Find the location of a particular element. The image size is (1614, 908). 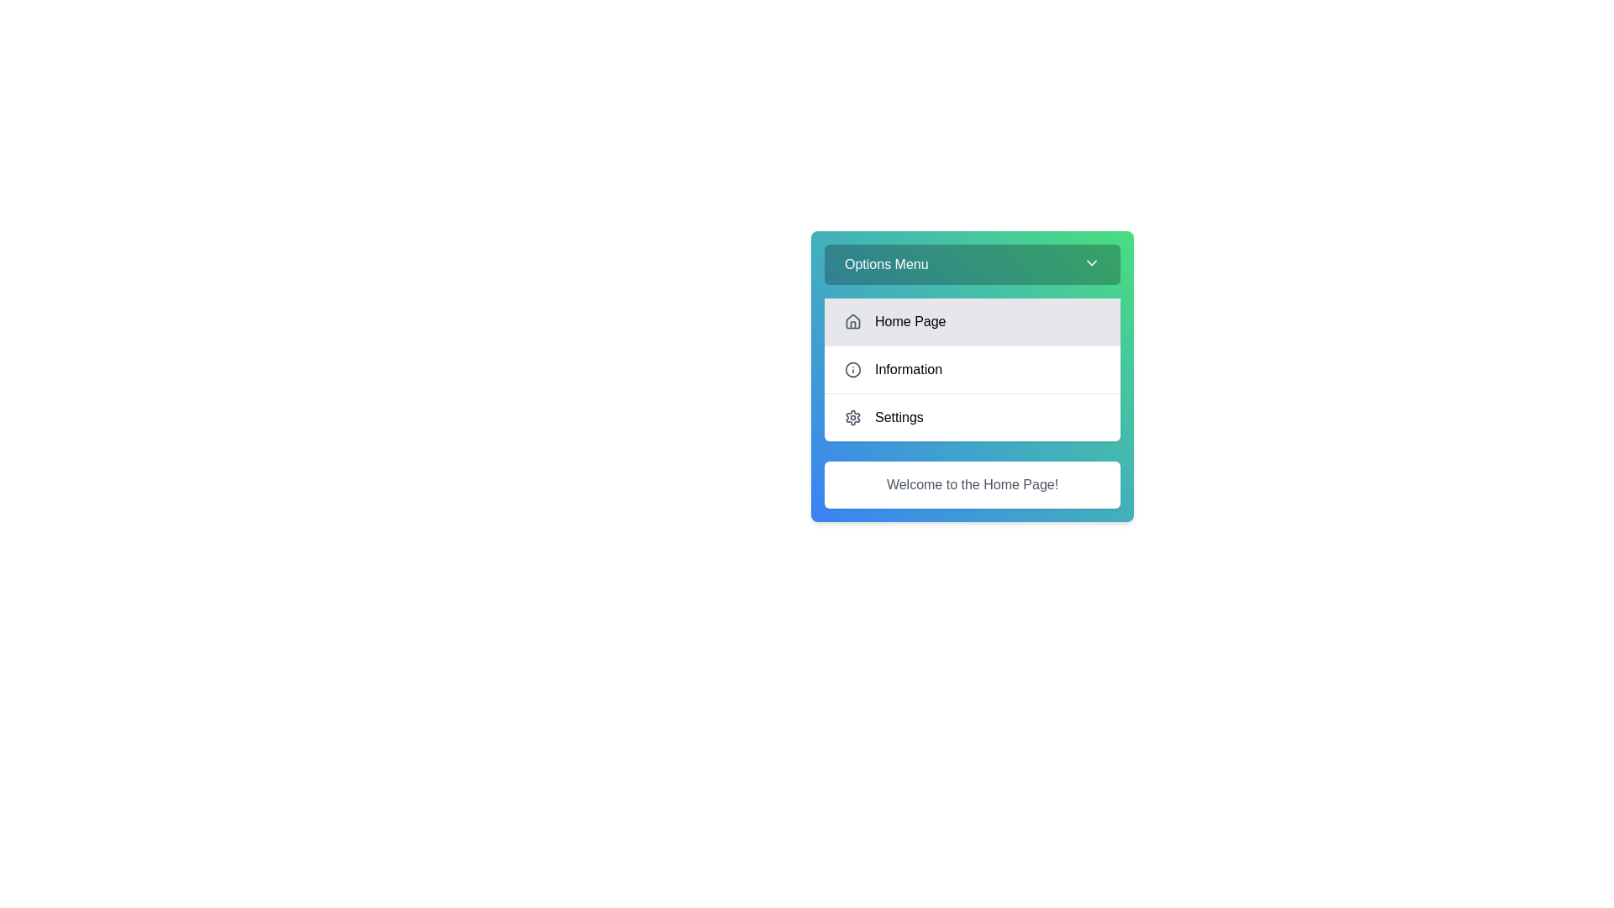

the downward-facing chevron icon located in the top-right corner of the 'Options Menu' header is located at coordinates (1092, 262).